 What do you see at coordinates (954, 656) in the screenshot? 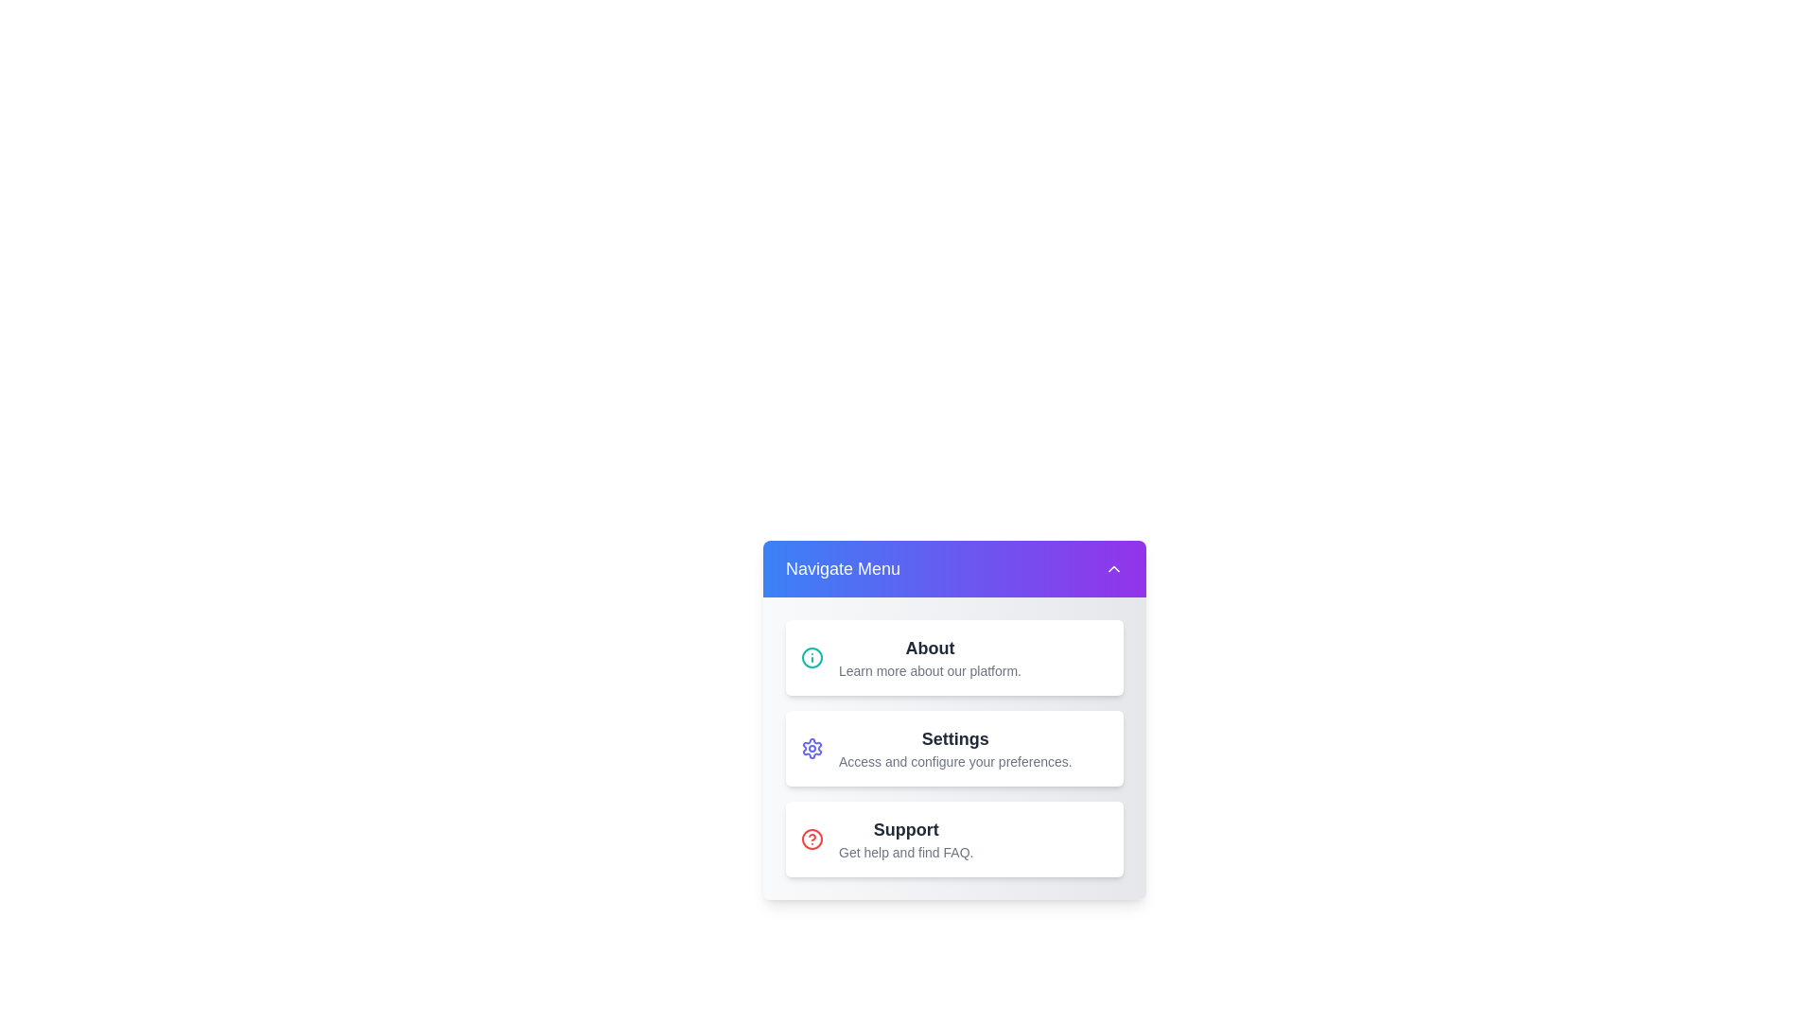
I see `the menu item About to observe hover effects` at bounding box center [954, 656].